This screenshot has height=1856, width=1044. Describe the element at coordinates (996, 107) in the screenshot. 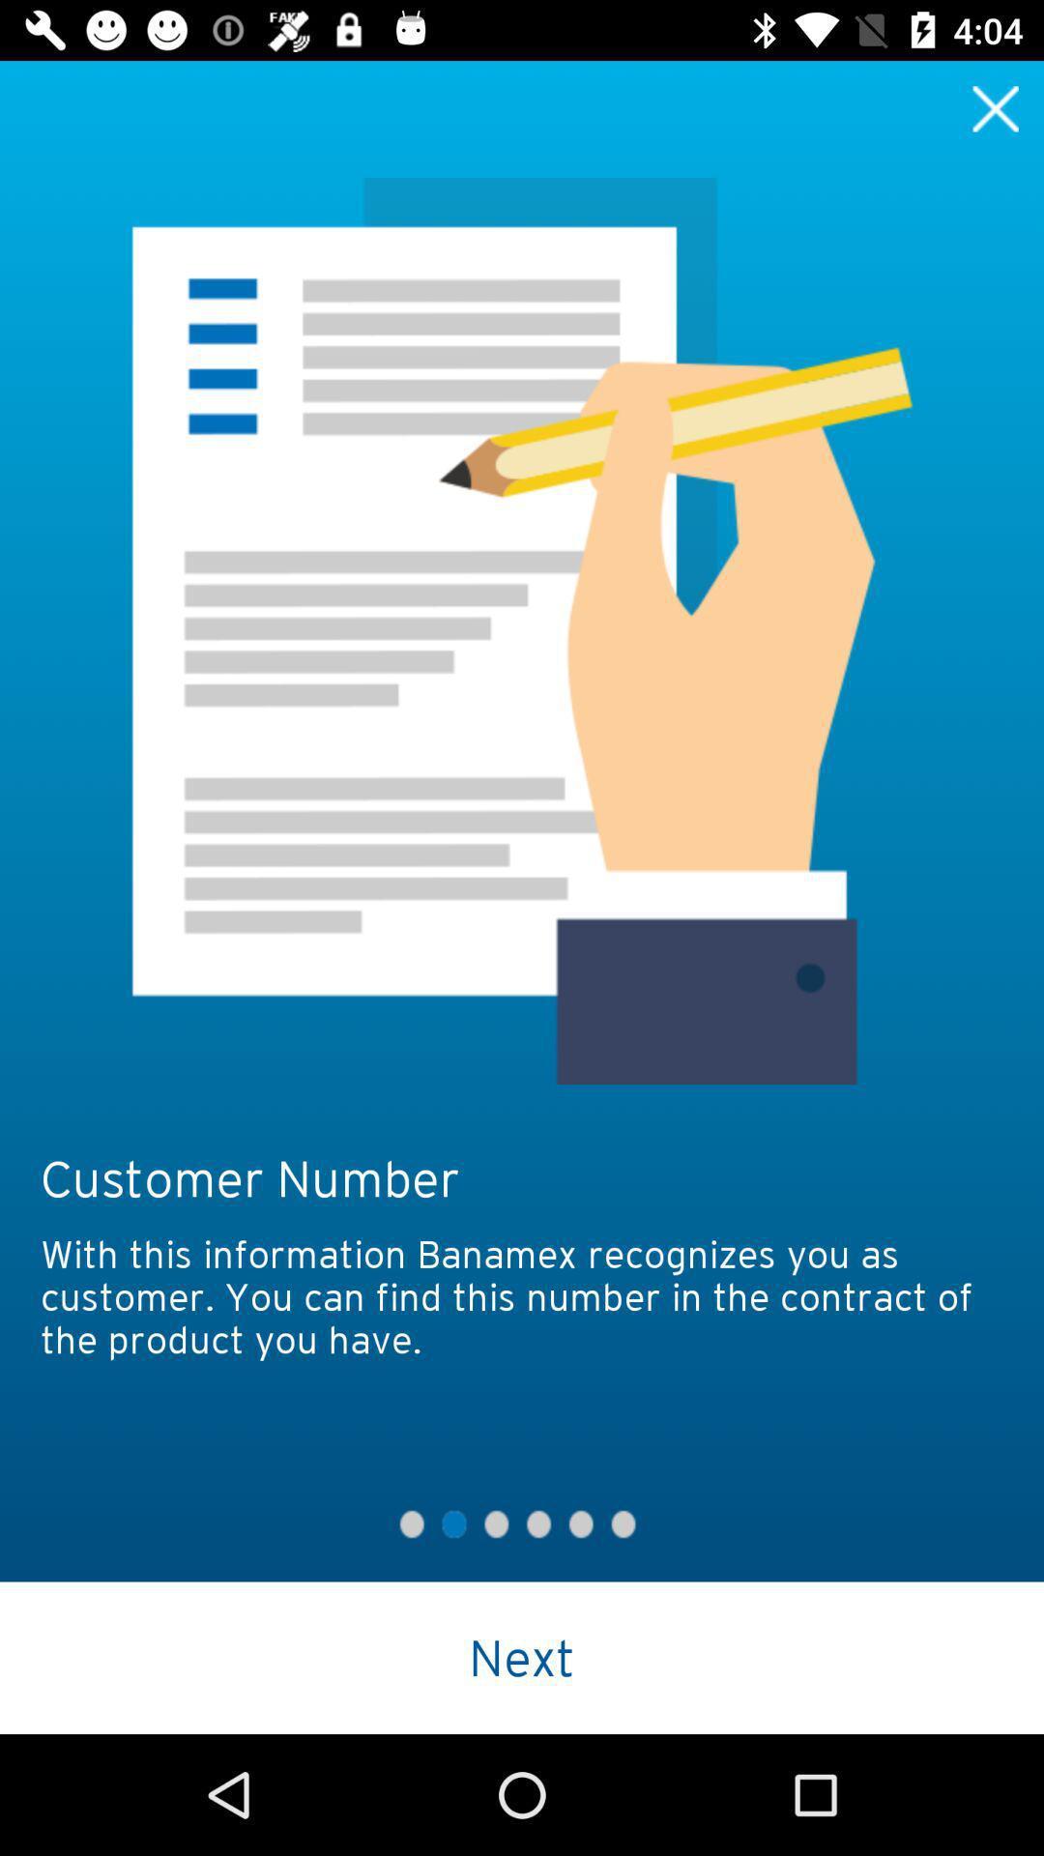

I see `the close icon` at that location.